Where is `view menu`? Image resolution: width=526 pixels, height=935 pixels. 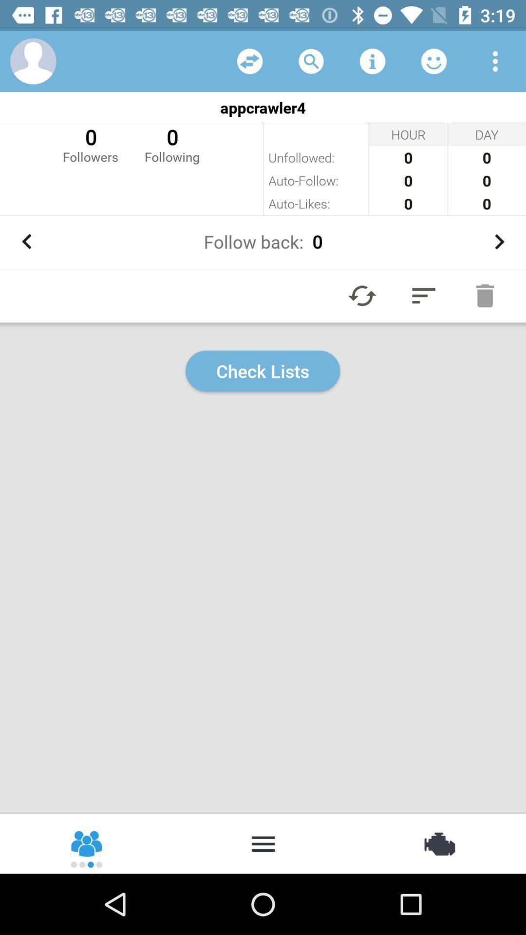 view menu is located at coordinates (495, 60).